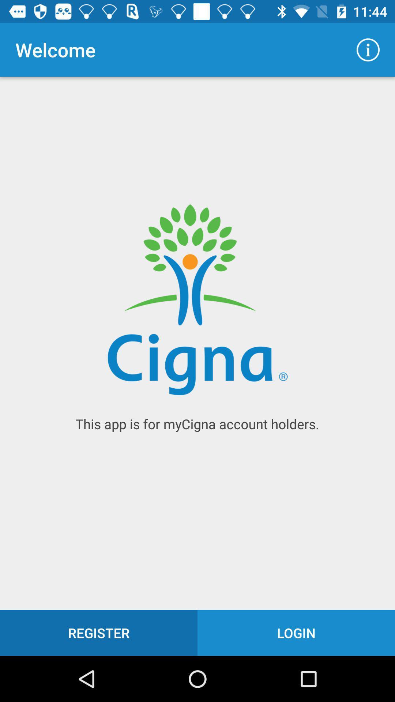 The image size is (395, 702). What do you see at coordinates (99, 633) in the screenshot?
I see `icon to the left of the login item` at bounding box center [99, 633].